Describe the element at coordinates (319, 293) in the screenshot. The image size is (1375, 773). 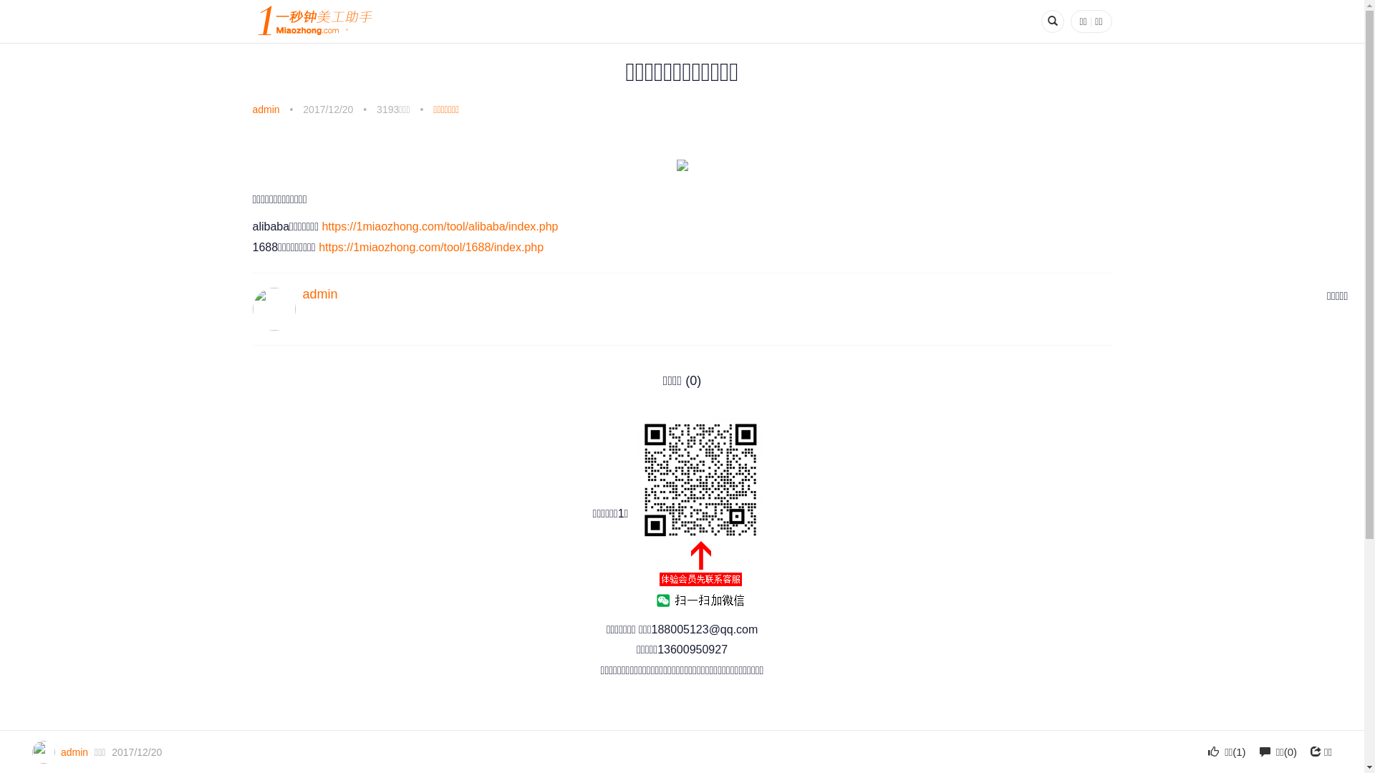
I see `'admin'` at that location.